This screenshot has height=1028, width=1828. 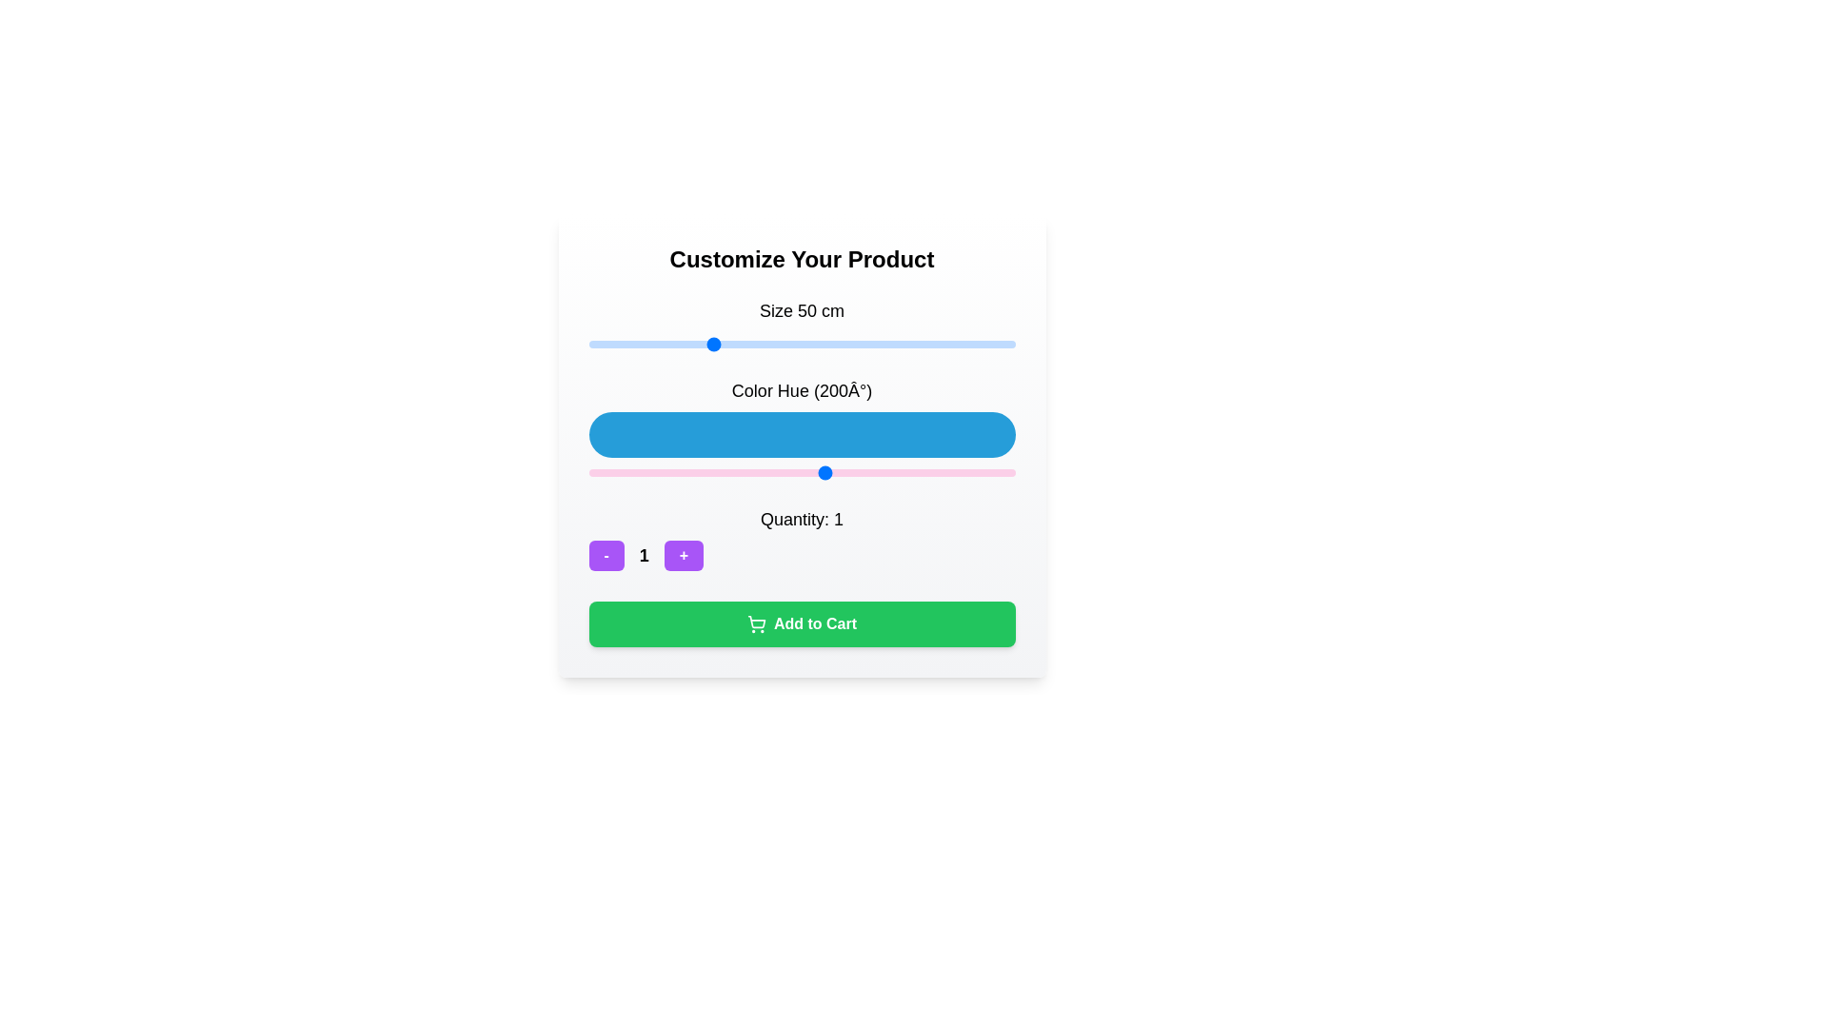 I want to click on the color hue, so click(x=983, y=472).